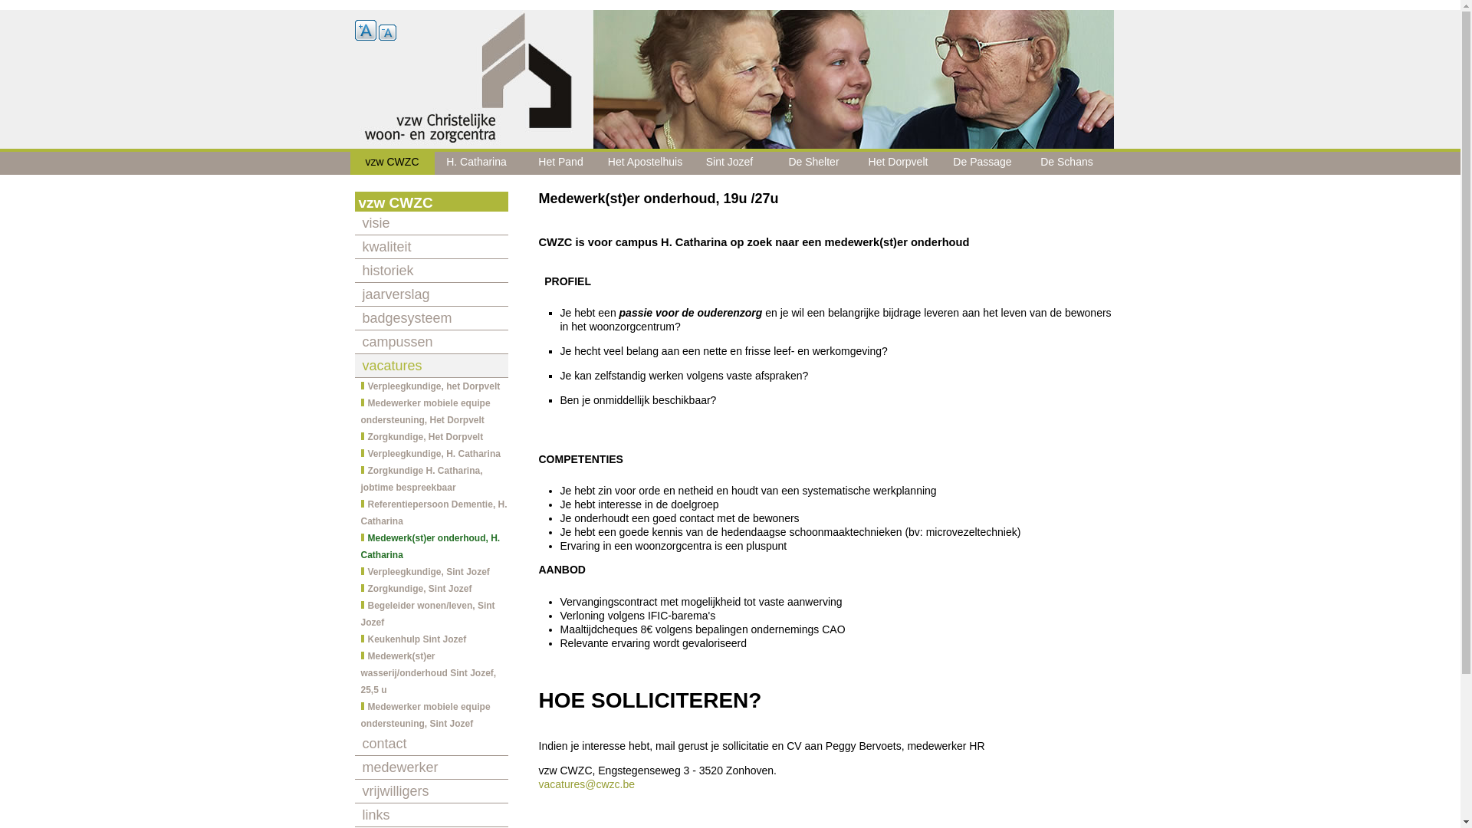 The image size is (1472, 828). What do you see at coordinates (429, 613) in the screenshot?
I see `'Begeleider wonen/leven, Sint Jozef'` at bounding box center [429, 613].